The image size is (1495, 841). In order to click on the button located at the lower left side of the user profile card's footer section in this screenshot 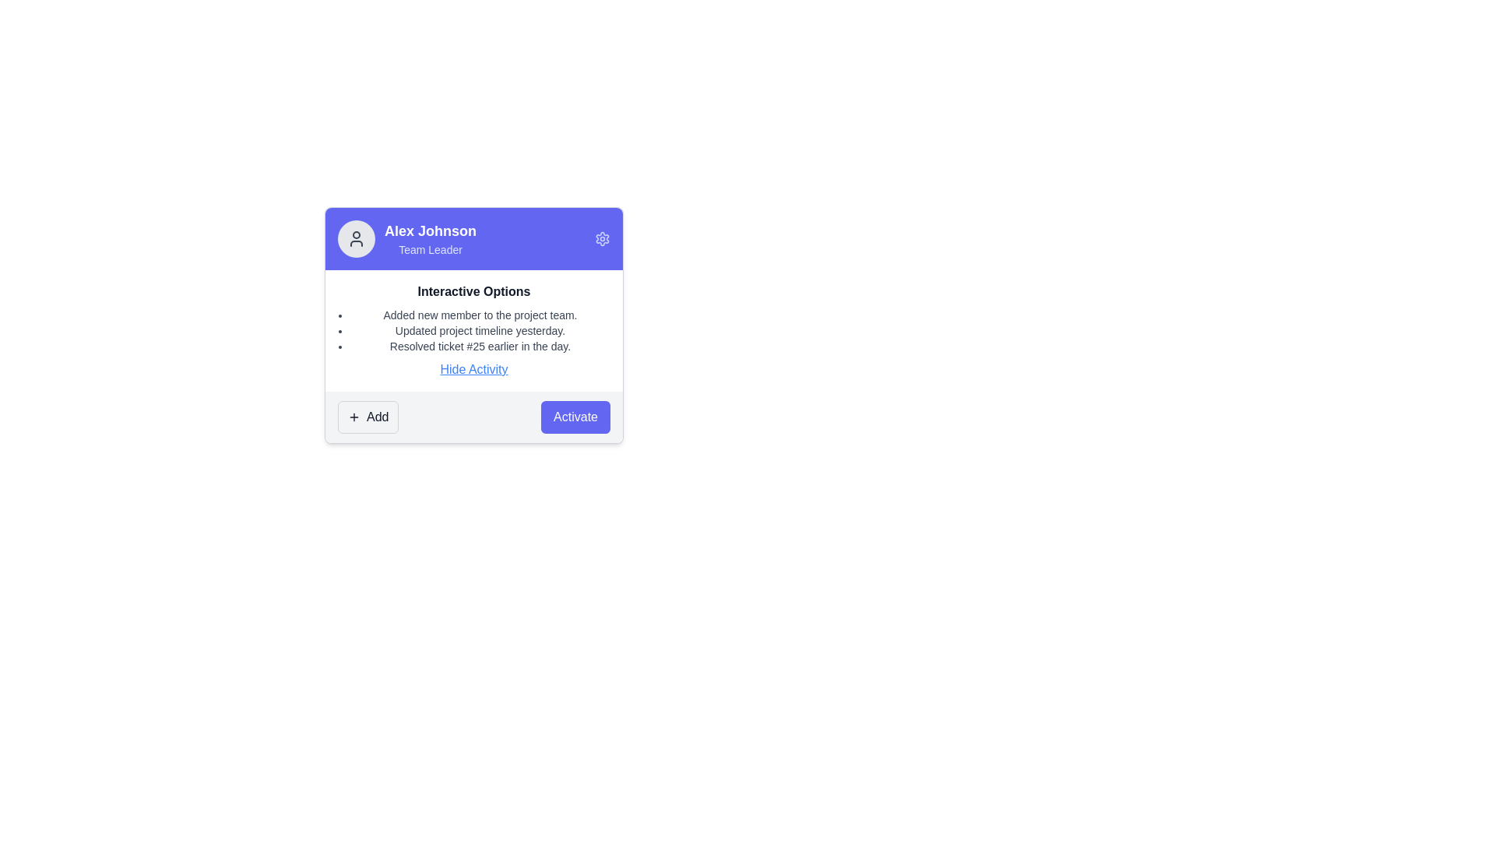, I will do `click(368, 417)`.